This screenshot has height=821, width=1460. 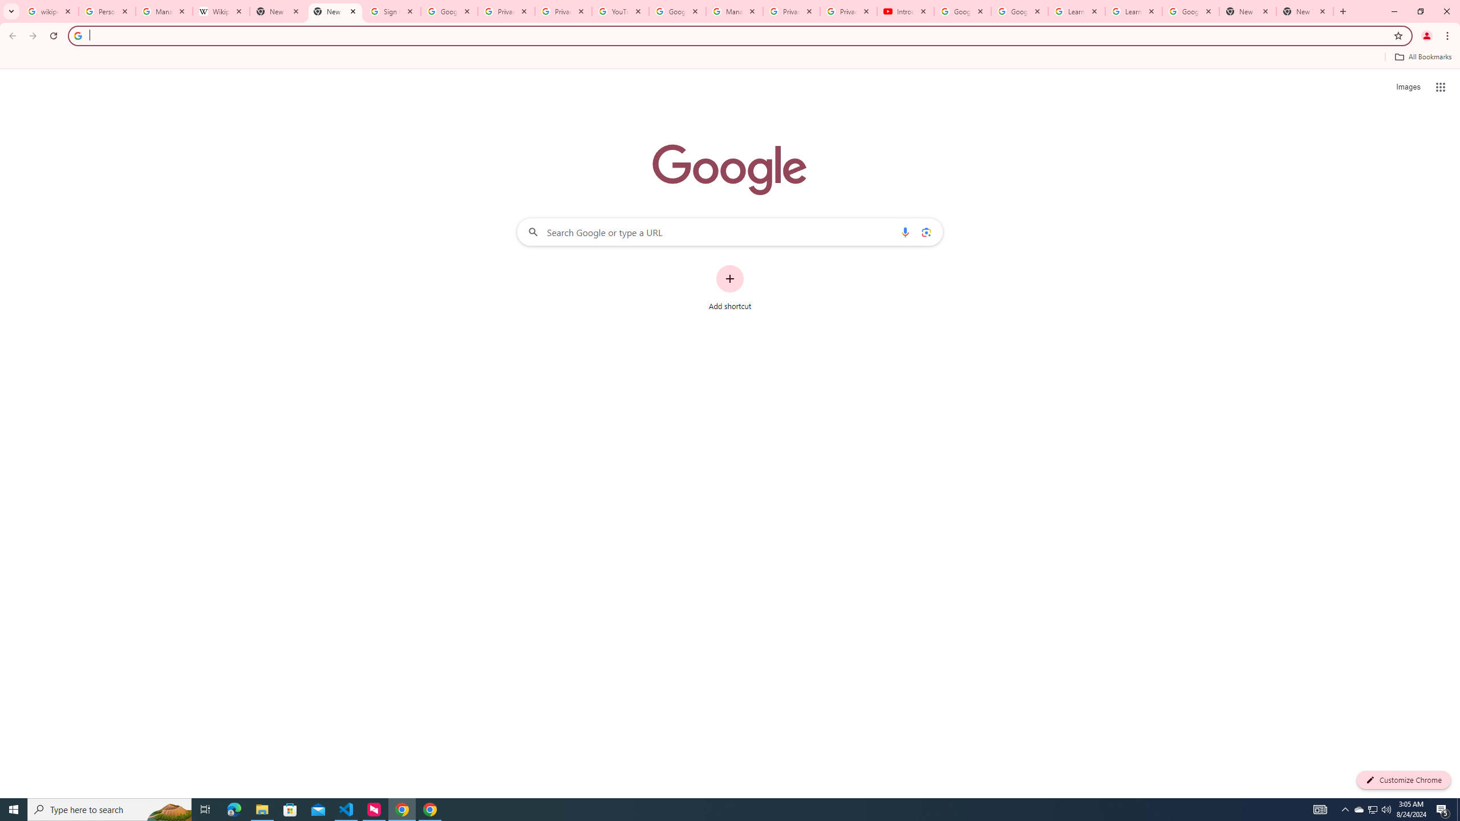 What do you see at coordinates (962, 11) in the screenshot?
I see `'Google Account Help'` at bounding box center [962, 11].